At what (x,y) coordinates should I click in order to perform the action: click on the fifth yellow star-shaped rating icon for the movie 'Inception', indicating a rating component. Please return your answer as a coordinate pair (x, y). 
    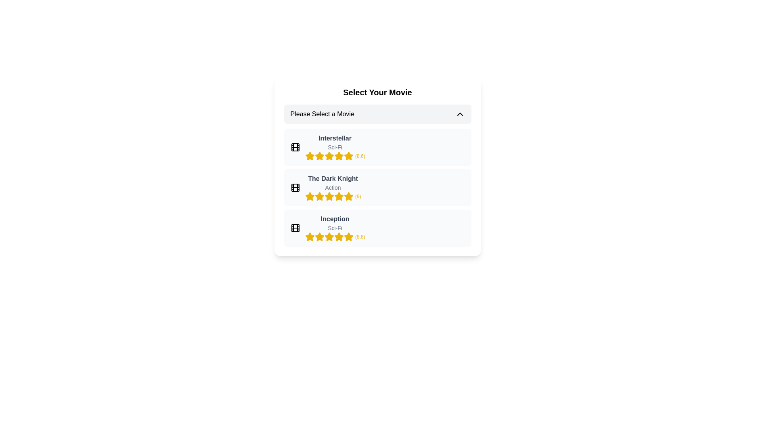
    Looking at the image, I should click on (339, 236).